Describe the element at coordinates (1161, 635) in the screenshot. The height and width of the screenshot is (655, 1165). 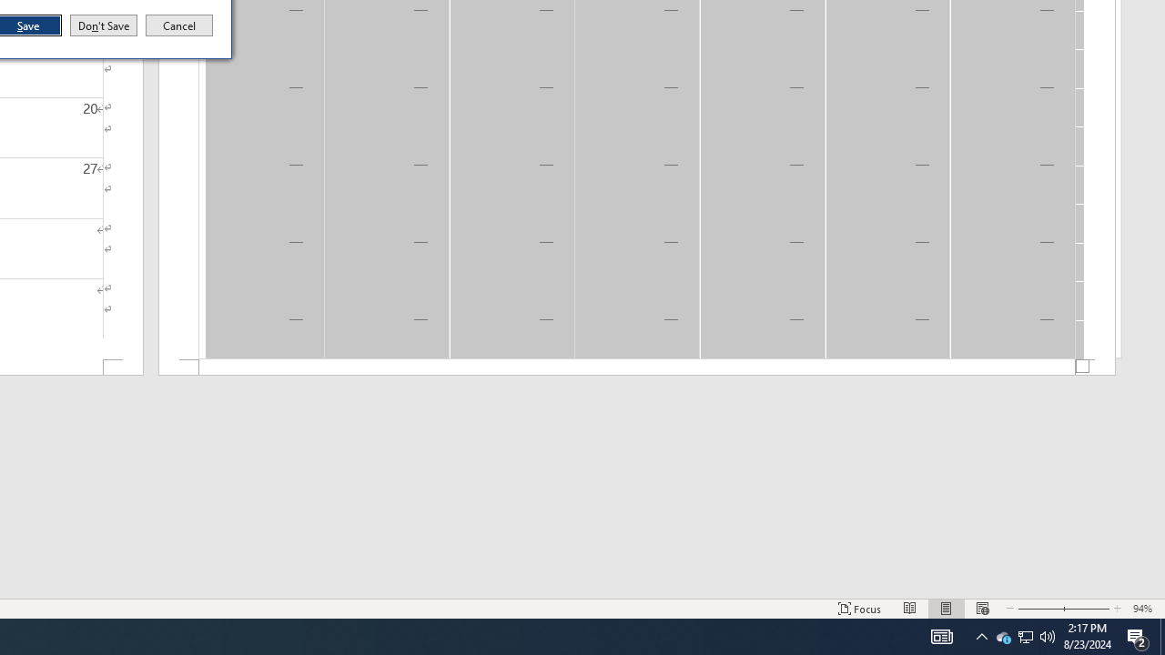
I see `'Show desktop'` at that location.